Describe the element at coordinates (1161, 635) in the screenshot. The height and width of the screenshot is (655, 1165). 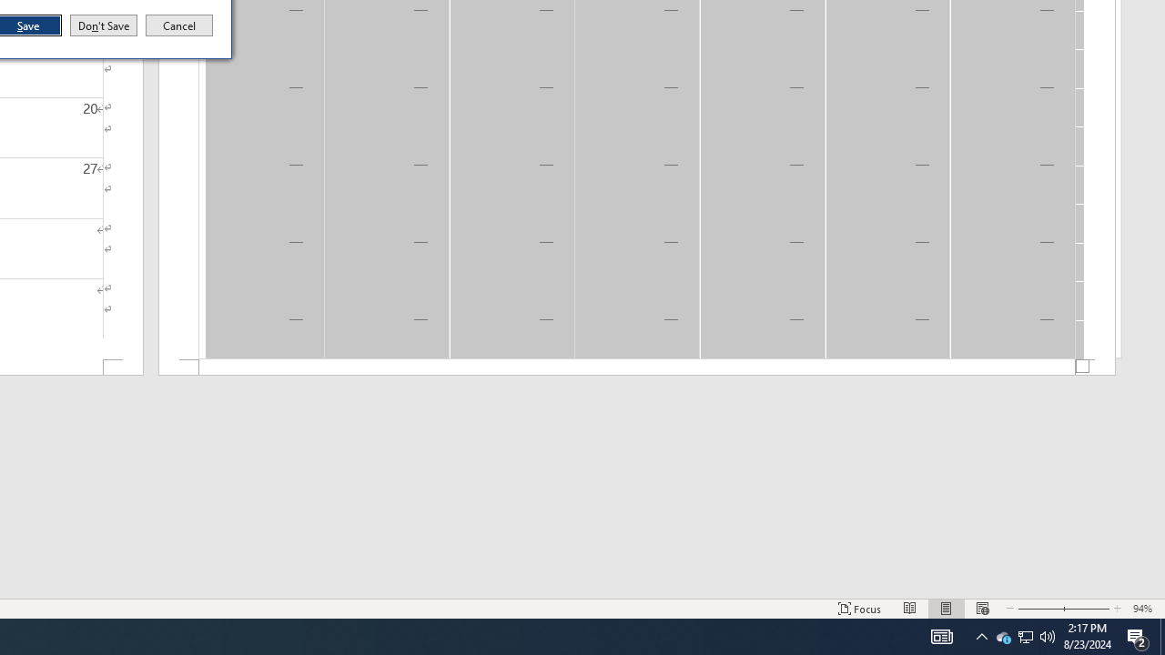
I see `'Show desktop'` at that location.